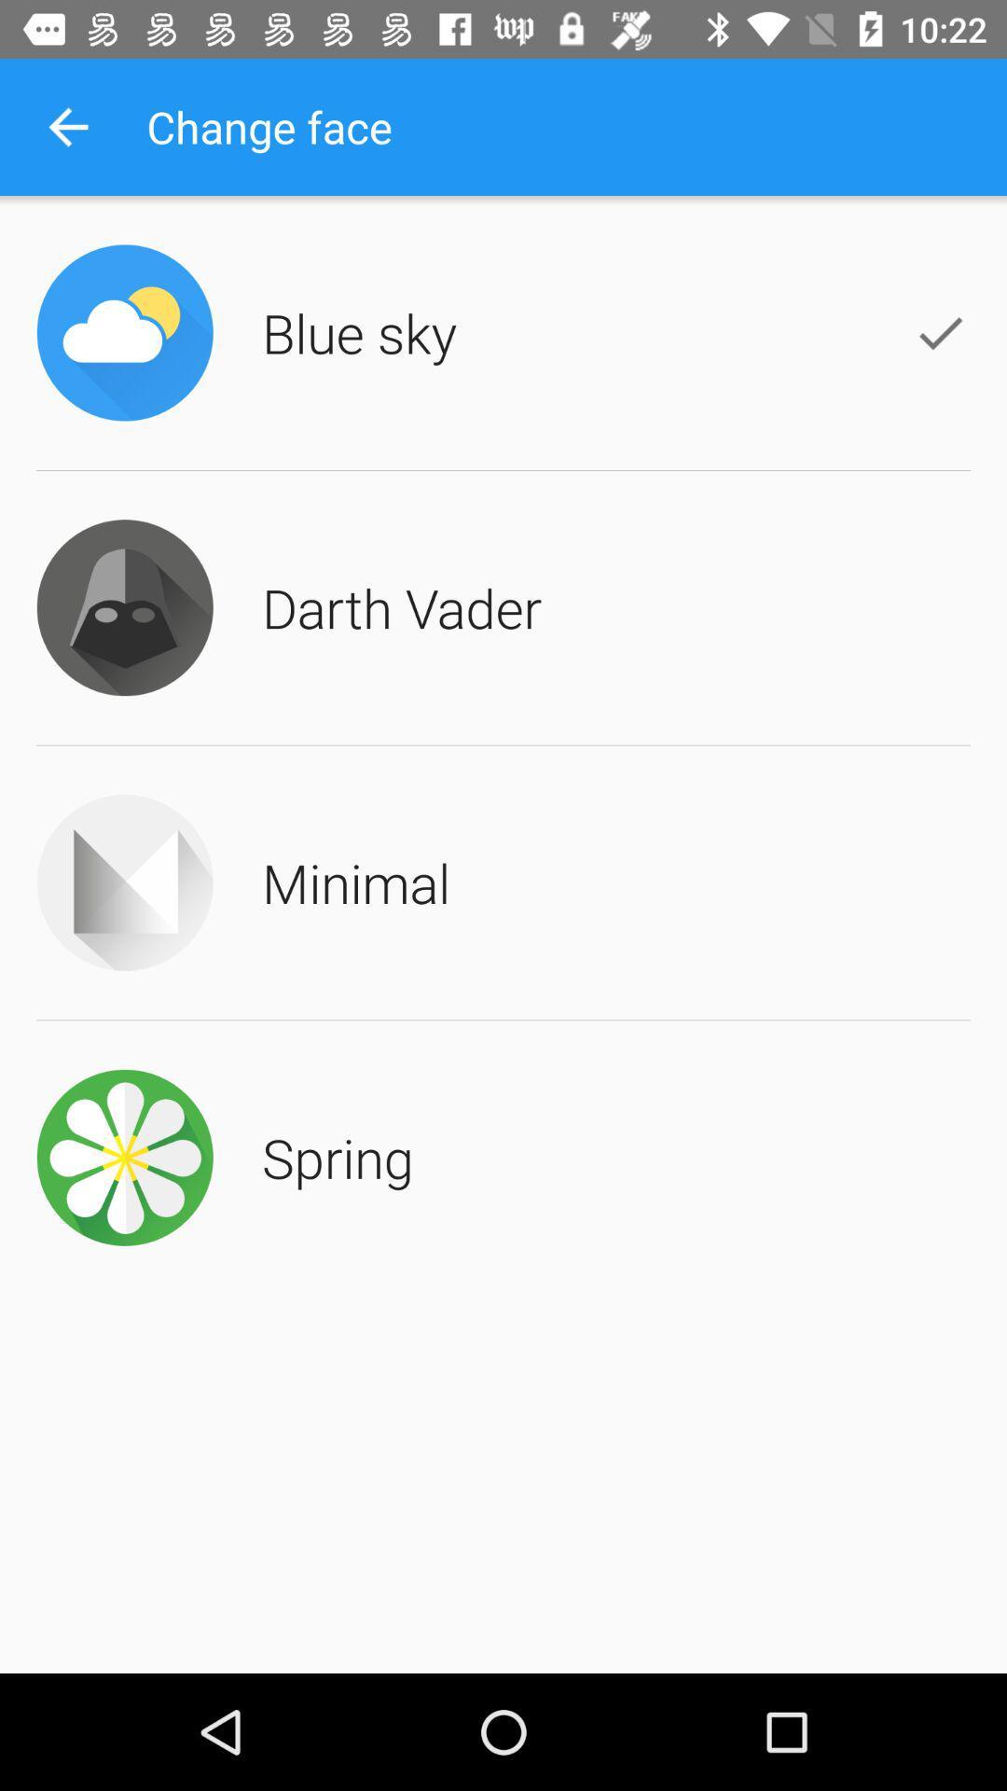 The width and height of the screenshot is (1007, 1791). Describe the element at coordinates (67, 126) in the screenshot. I see `go back` at that location.